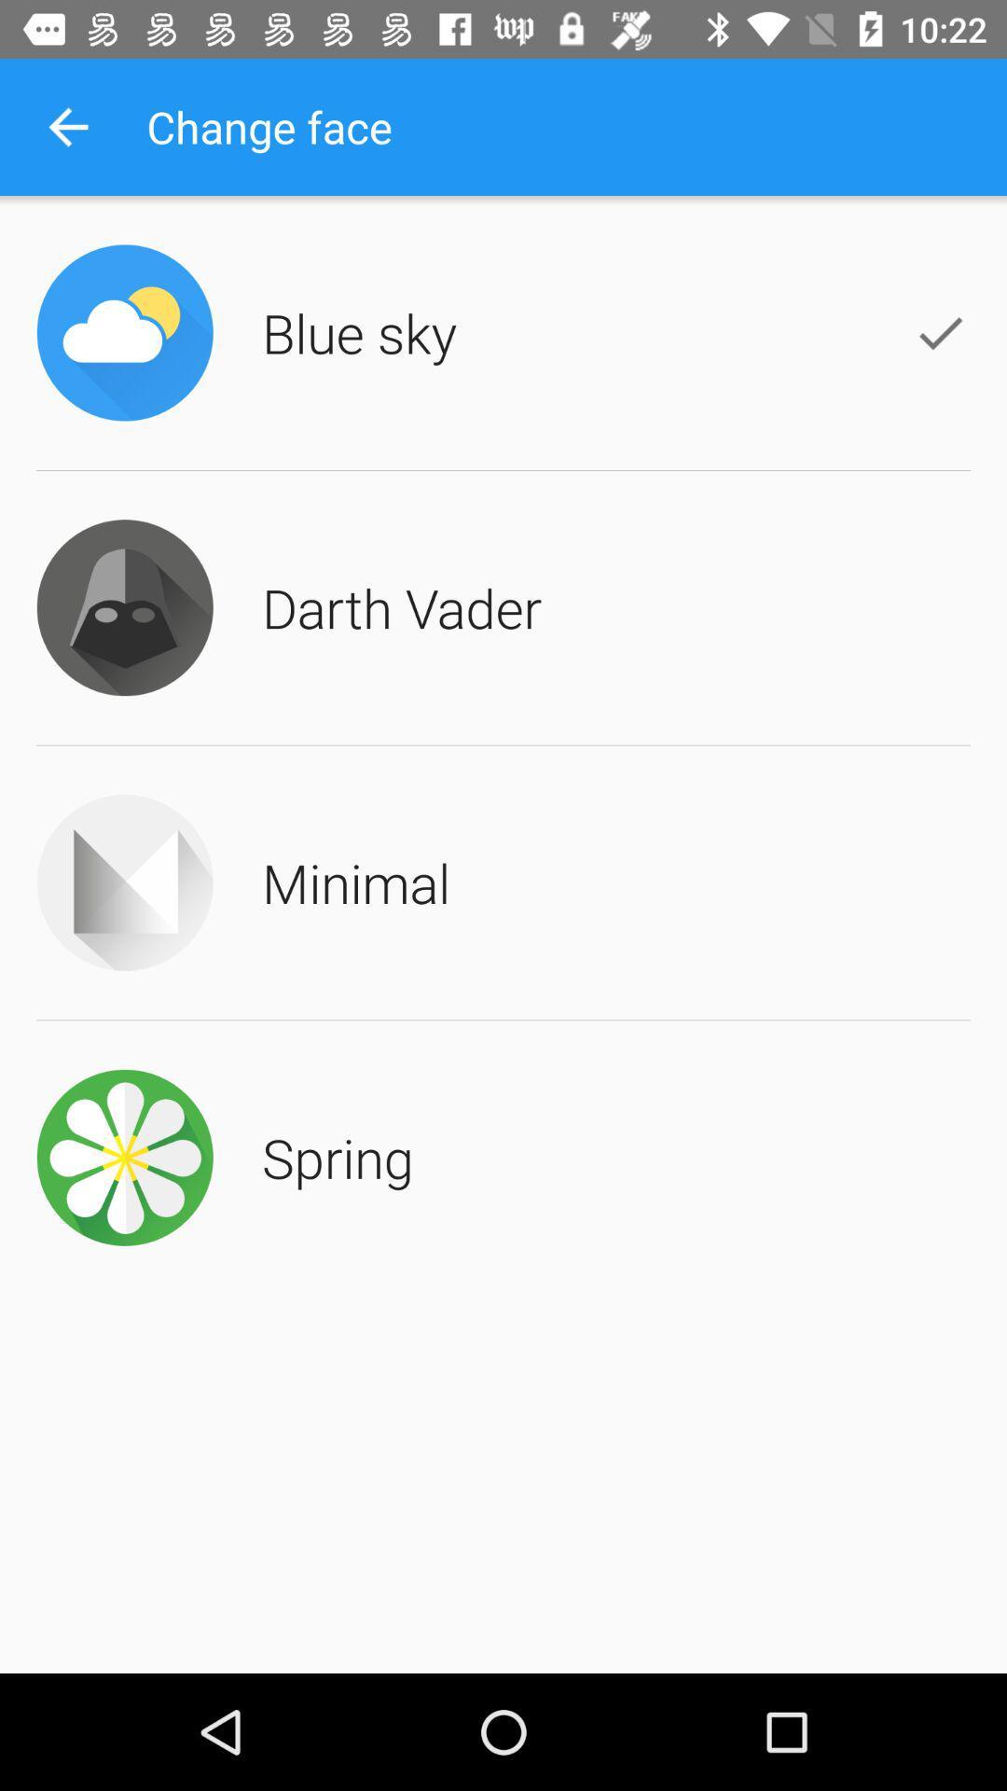 The width and height of the screenshot is (1007, 1791). Describe the element at coordinates (67, 126) in the screenshot. I see `go back` at that location.